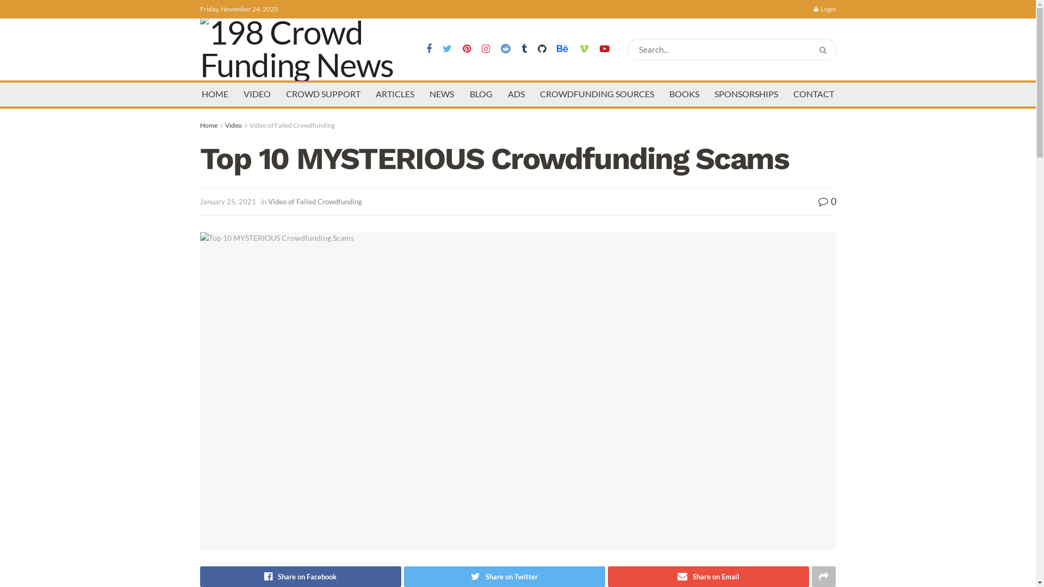 The image size is (1044, 587). I want to click on 'Video', so click(233, 124).